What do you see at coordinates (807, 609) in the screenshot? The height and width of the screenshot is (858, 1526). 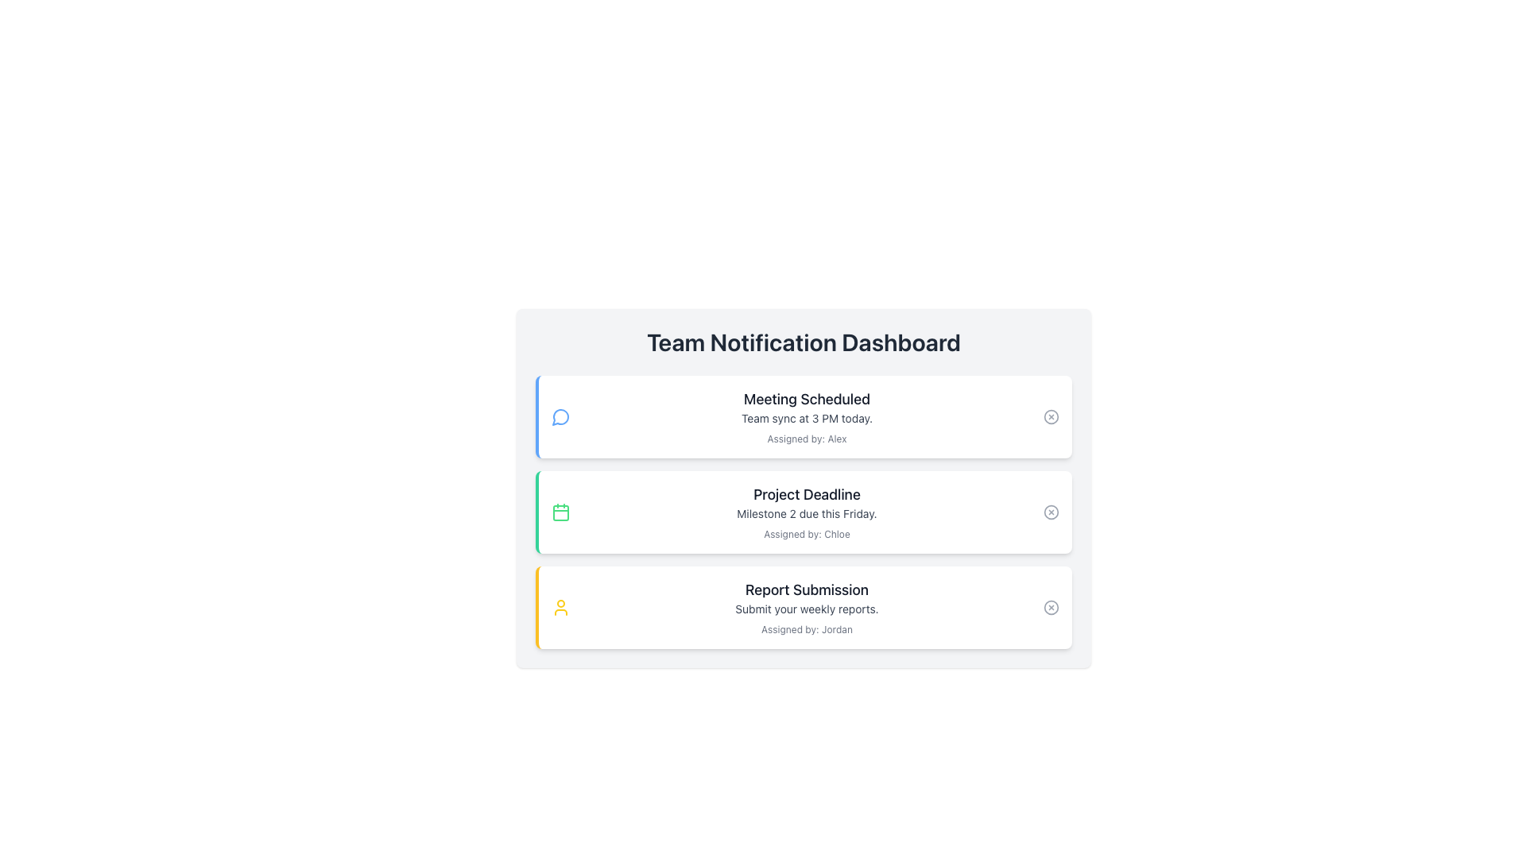 I see `the text snippet that reads 'Submit your weekly reports.' for accessibility purposes` at bounding box center [807, 609].